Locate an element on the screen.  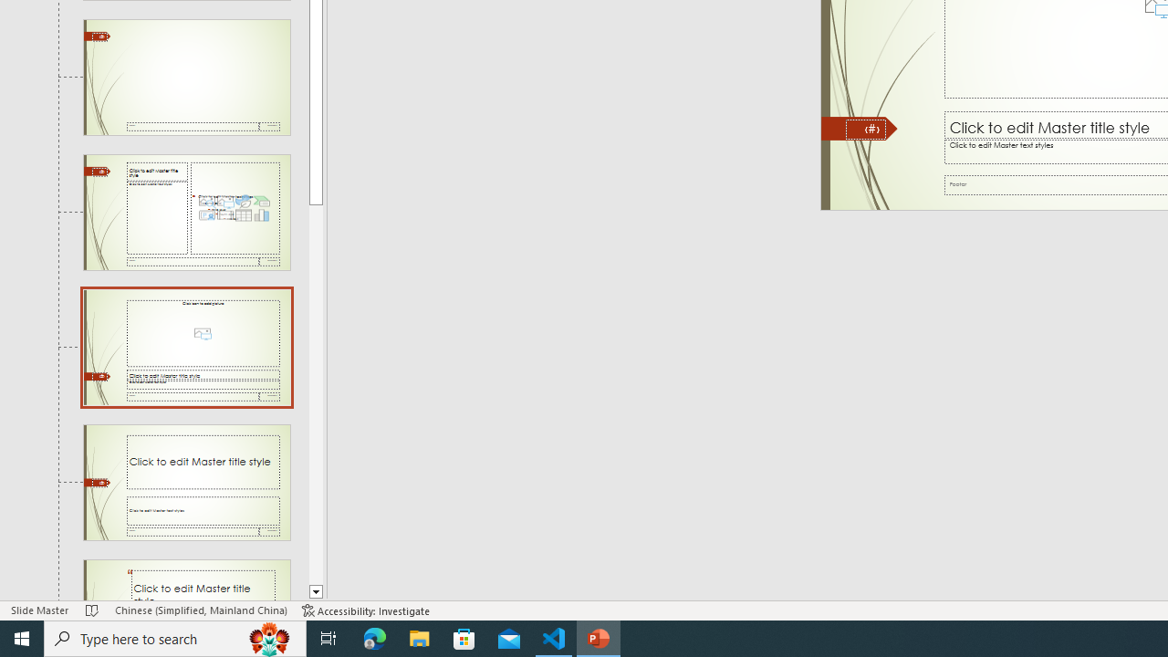
'Freeform 11' is located at coordinates (859, 128).